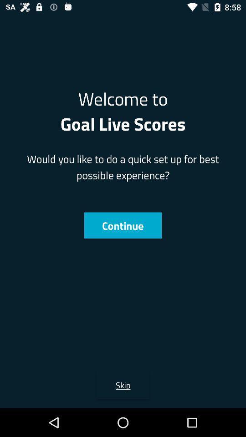 This screenshot has width=246, height=437. Describe the element at coordinates (123, 384) in the screenshot. I see `the skip` at that location.